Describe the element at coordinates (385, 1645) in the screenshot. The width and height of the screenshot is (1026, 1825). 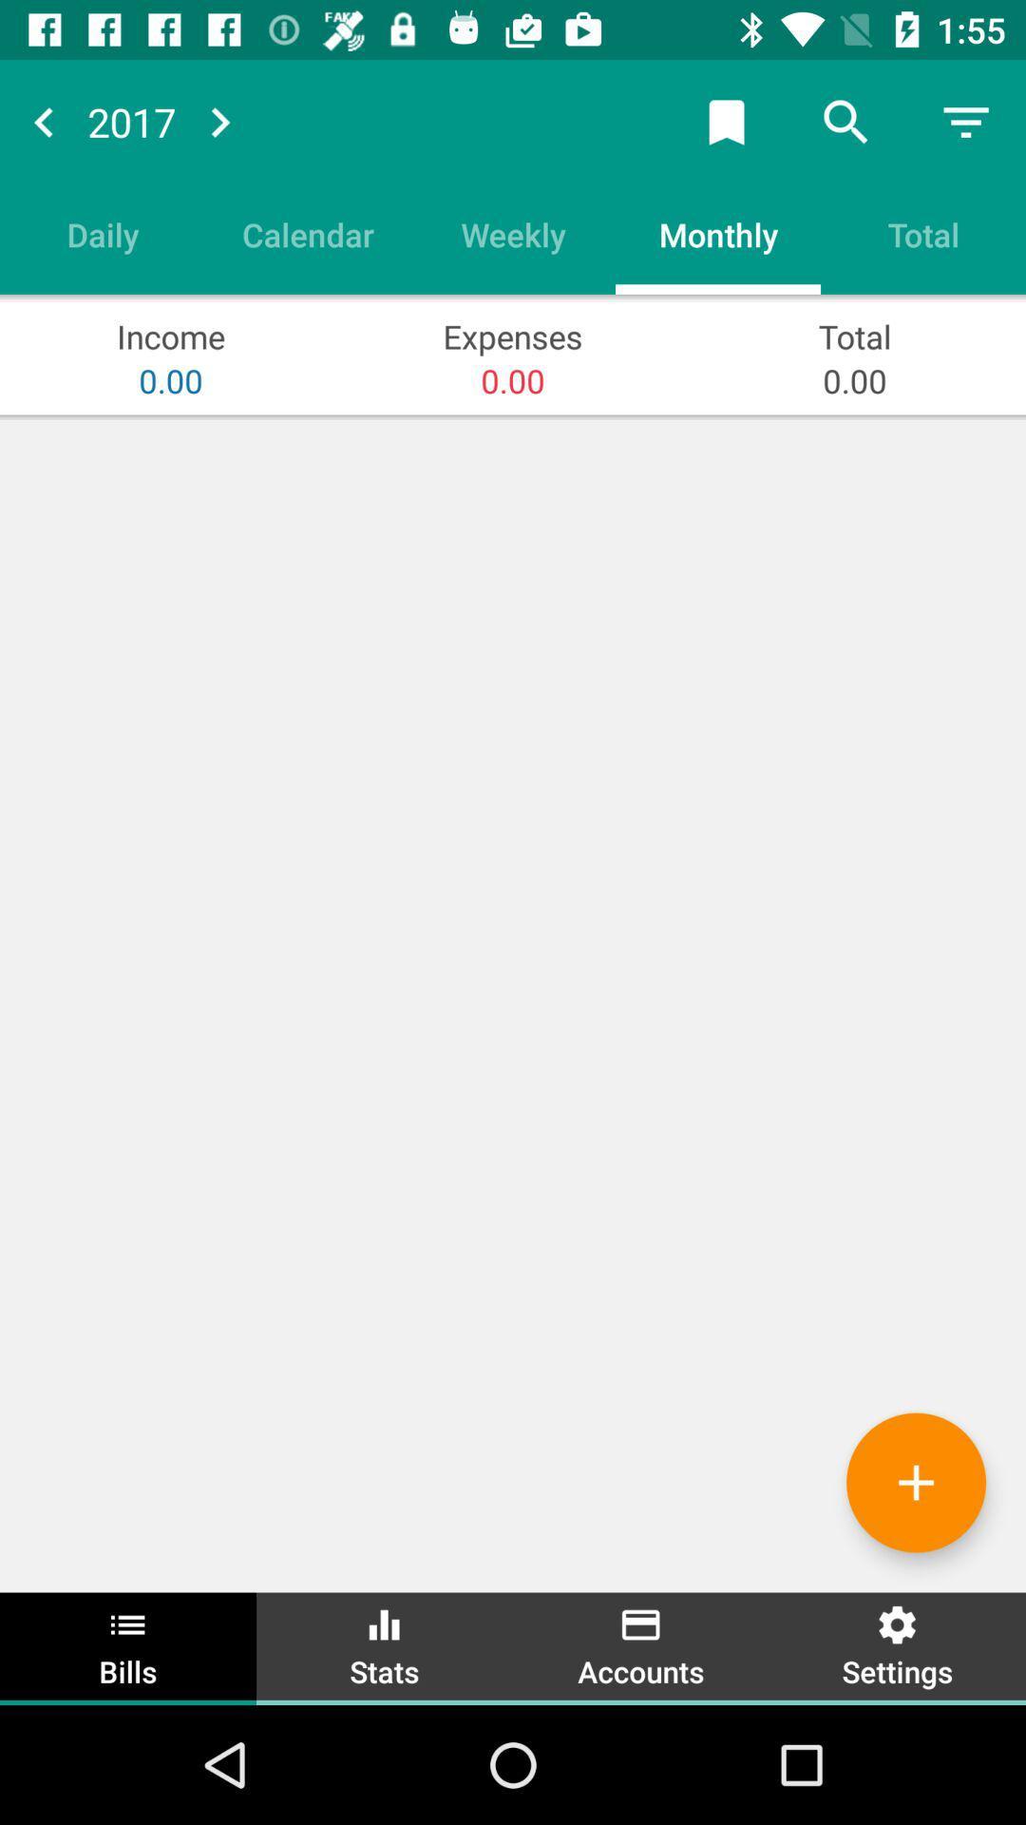
I see `stats` at that location.